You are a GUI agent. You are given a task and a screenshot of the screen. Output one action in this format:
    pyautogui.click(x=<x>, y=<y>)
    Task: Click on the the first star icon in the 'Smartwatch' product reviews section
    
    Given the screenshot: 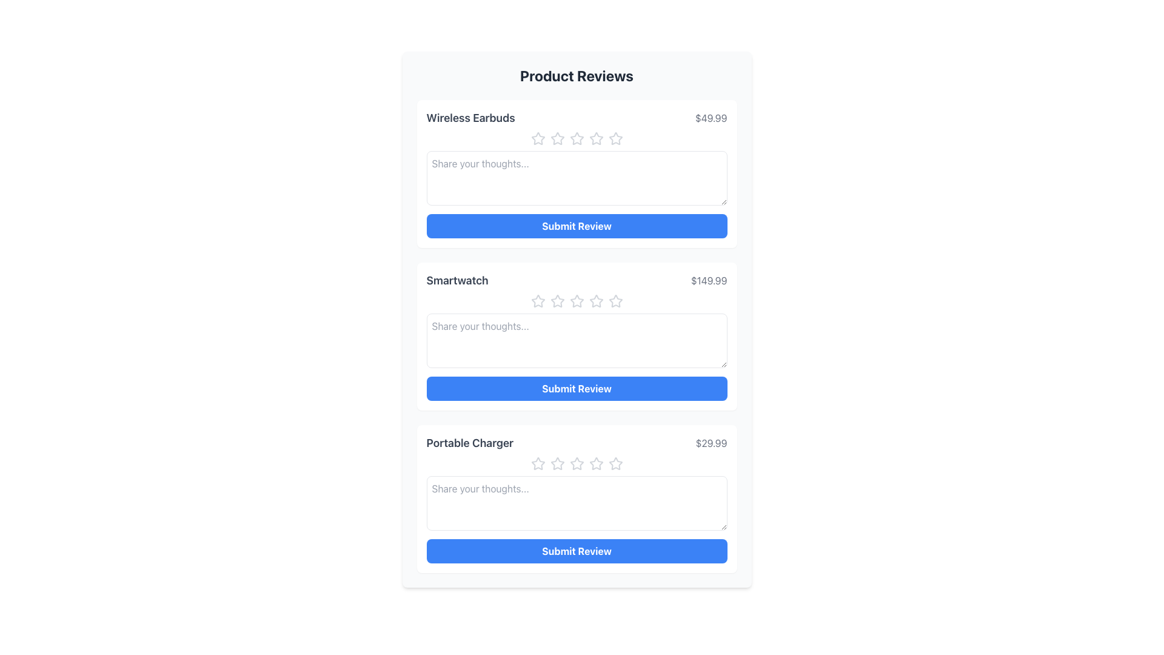 What is the action you would take?
    pyautogui.click(x=537, y=301)
    